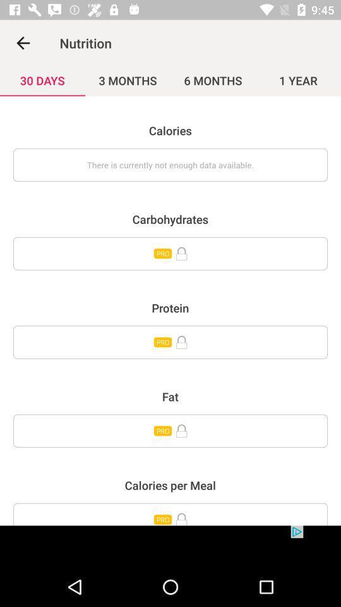 The image size is (341, 607). I want to click on open to know, so click(170, 342).